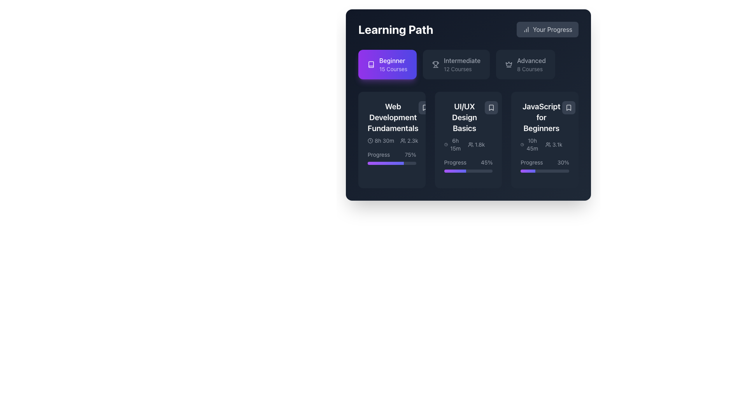  Describe the element at coordinates (530, 144) in the screenshot. I see `displayed duration information from the text with icon composite element located in the 'JavaScript for Beginners' course card, positioned at the top-left corner of the bottom section containing course meta-information` at that location.